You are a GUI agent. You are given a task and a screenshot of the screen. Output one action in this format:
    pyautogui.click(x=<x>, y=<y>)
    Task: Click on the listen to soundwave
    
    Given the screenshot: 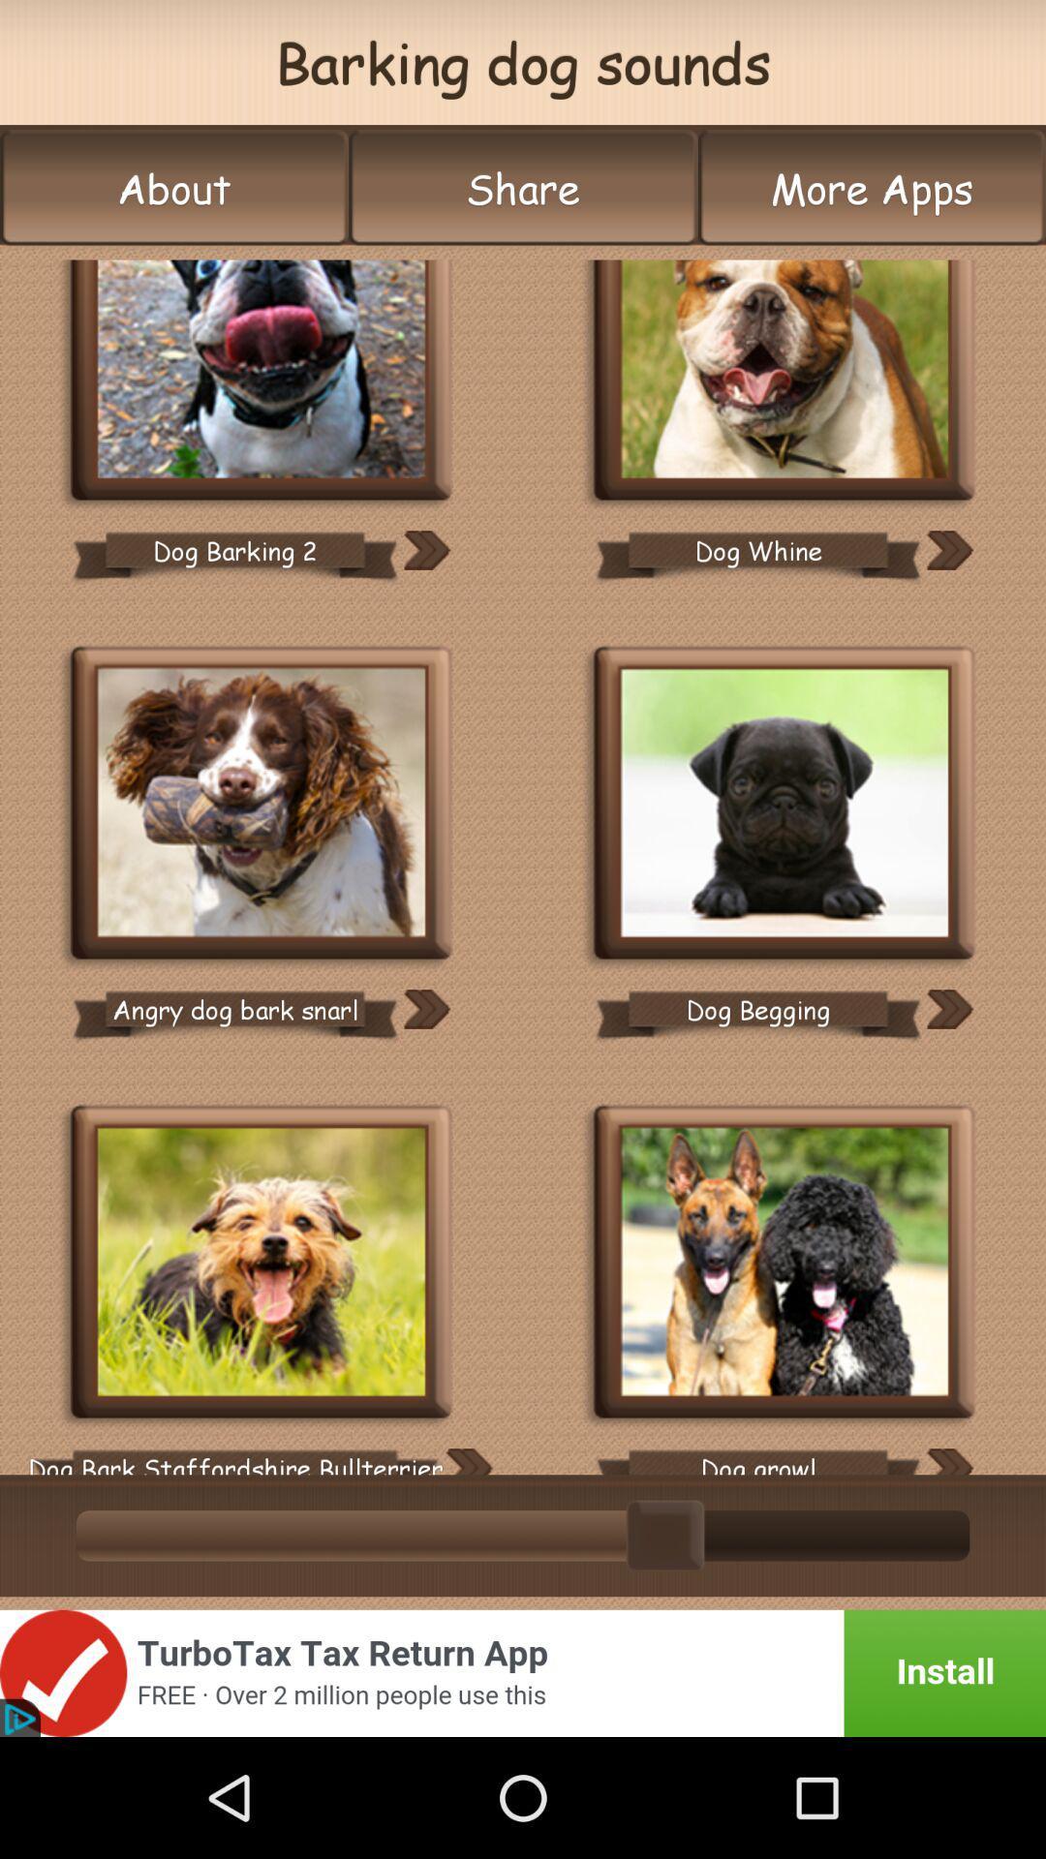 What is the action you would take?
    pyautogui.click(x=948, y=1461)
    